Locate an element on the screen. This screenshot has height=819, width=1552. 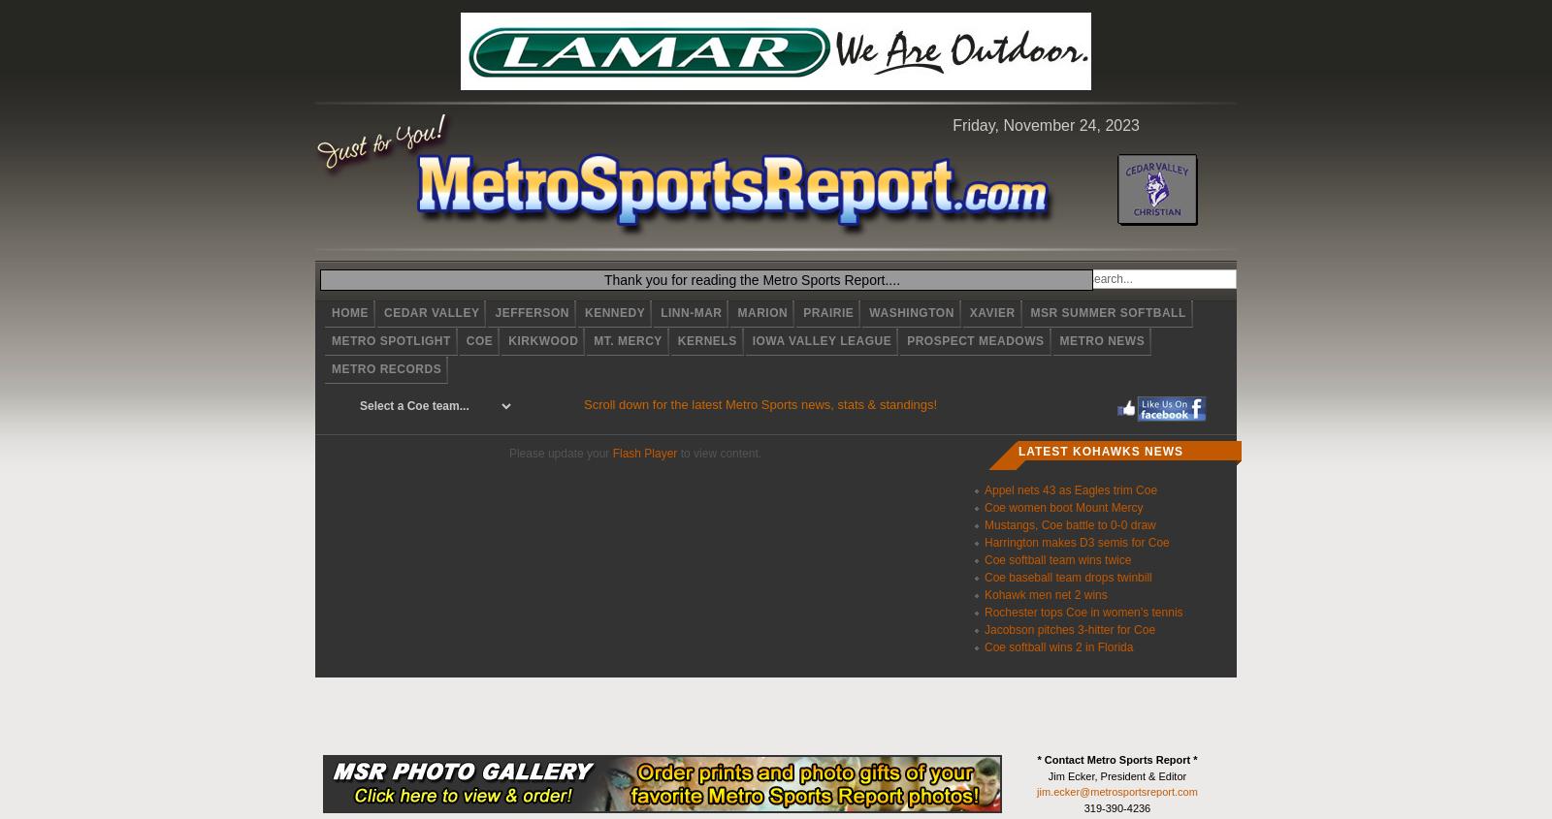
'Appel nets 43 as Eagles trim Coe' is located at coordinates (1071, 489).